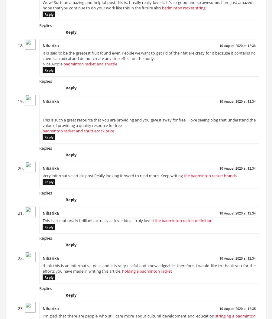  What do you see at coordinates (184, 10) in the screenshot?
I see `'badminton racket string'` at bounding box center [184, 10].